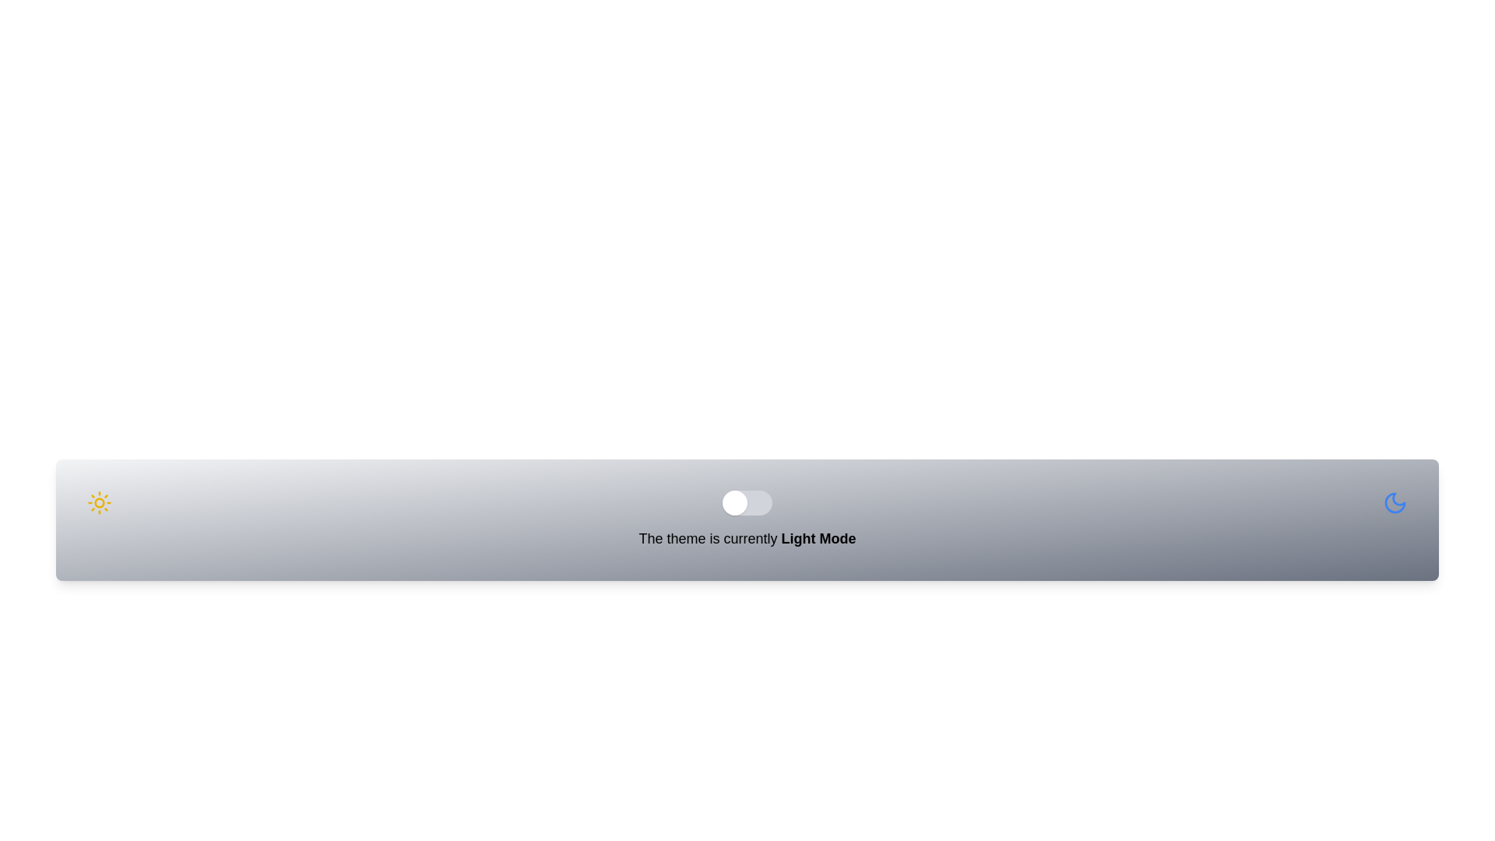  Describe the element at coordinates (99, 502) in the screenshot. I see `the Sun icon to interact with it` at that location.